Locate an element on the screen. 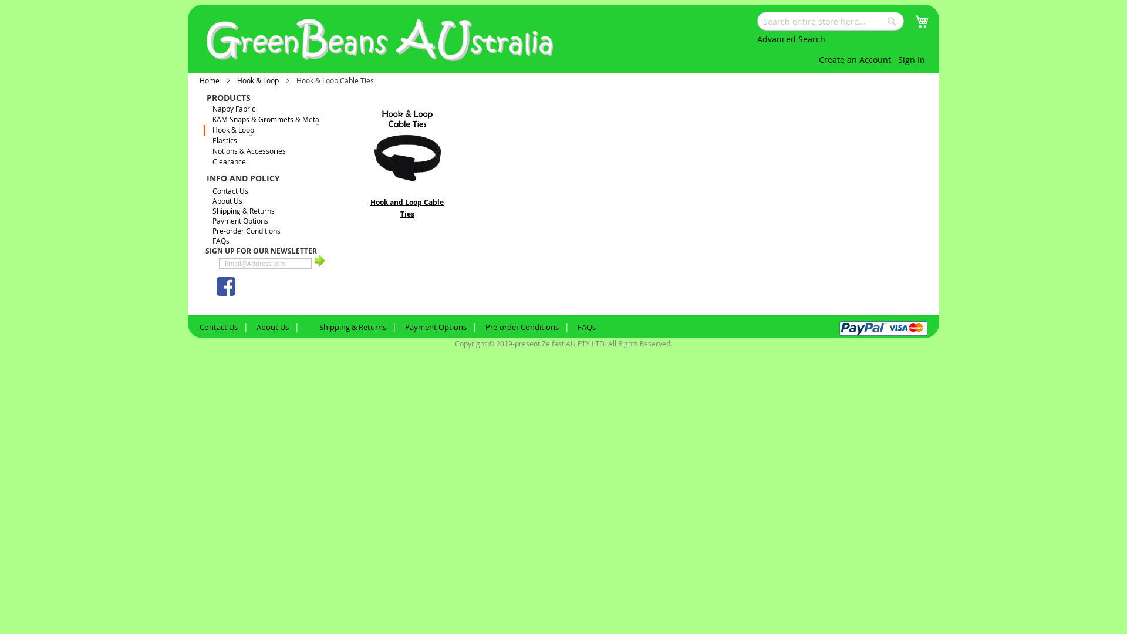 Image resolution: width=1127 pixels, height=634 pixels. 'Hook & Loop' is located at coordinates (236, 80).